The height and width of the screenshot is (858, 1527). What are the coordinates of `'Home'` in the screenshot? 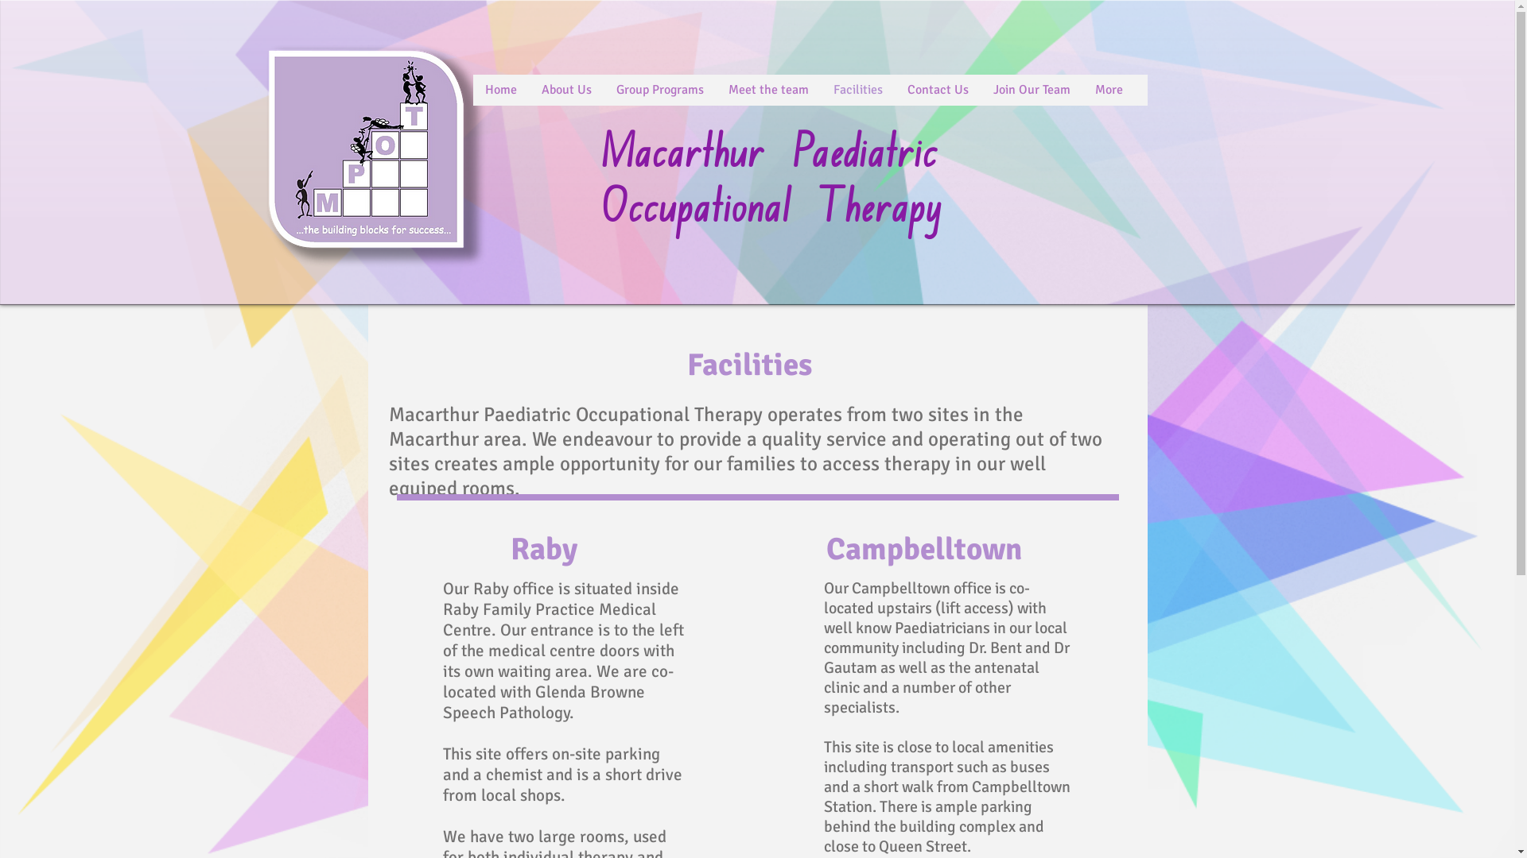 It's located at (499, 90).